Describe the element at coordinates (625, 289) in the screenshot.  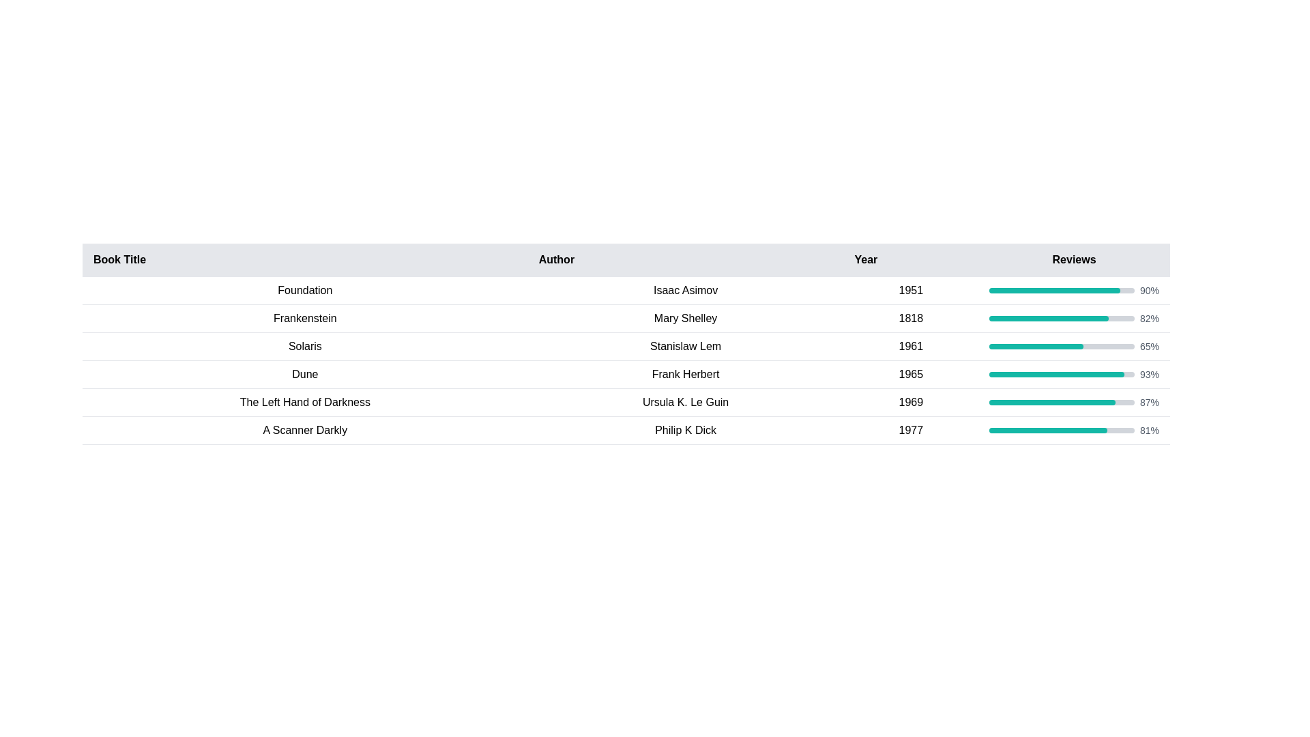
I see `the first row of the table that contains information about the book 'Foundation' by Isaac Asimov by tabbing to it` at that location.